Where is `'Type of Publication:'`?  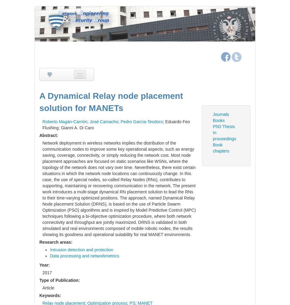
'Type of Publication:' is located at coordinates (60, 280).